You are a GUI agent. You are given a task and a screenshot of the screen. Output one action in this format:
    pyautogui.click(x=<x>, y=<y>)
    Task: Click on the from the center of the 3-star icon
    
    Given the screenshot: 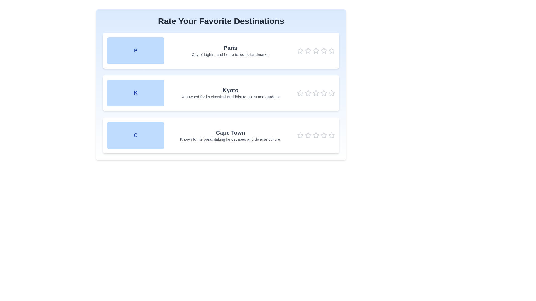 What is the action you would take?
    pyautogui.click(x=316, y=50)
    